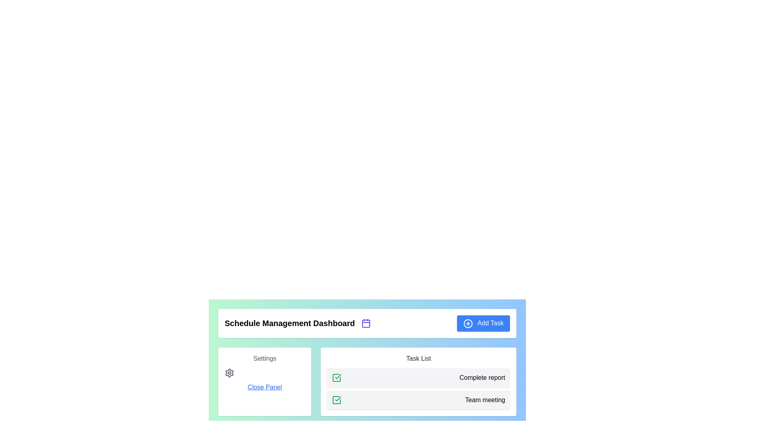 This screenshot has height=430, width=765. What do you see at coordinates (365, 323) in the screenshot?
I see `the calendar icon located to the right of the 'Schedule Management Dashboard' text and to the left of the 'Add Task' button in the header bar` at bounding box center [365, 323].